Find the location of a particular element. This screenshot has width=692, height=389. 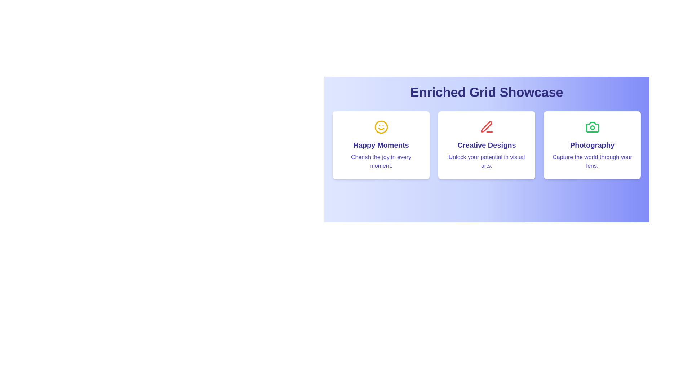

the text block displaying 'Cherish the joy in every moment.' which is located below the 'Happy Moments' heading within the first card is located at coordinates (381, 161).